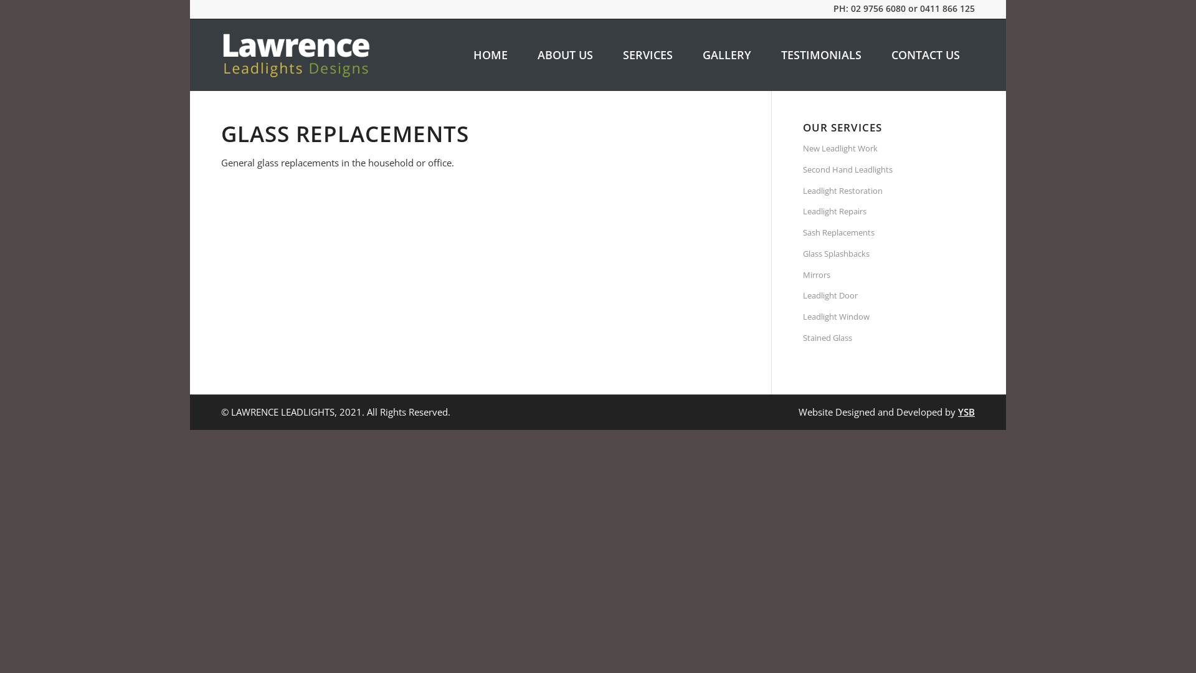 The height and width of the screenshot is (673, 1196). What do you see at coordinates (966, 411) in the screenshot?
I see `'YSB'` at bounding box center [966, 411].